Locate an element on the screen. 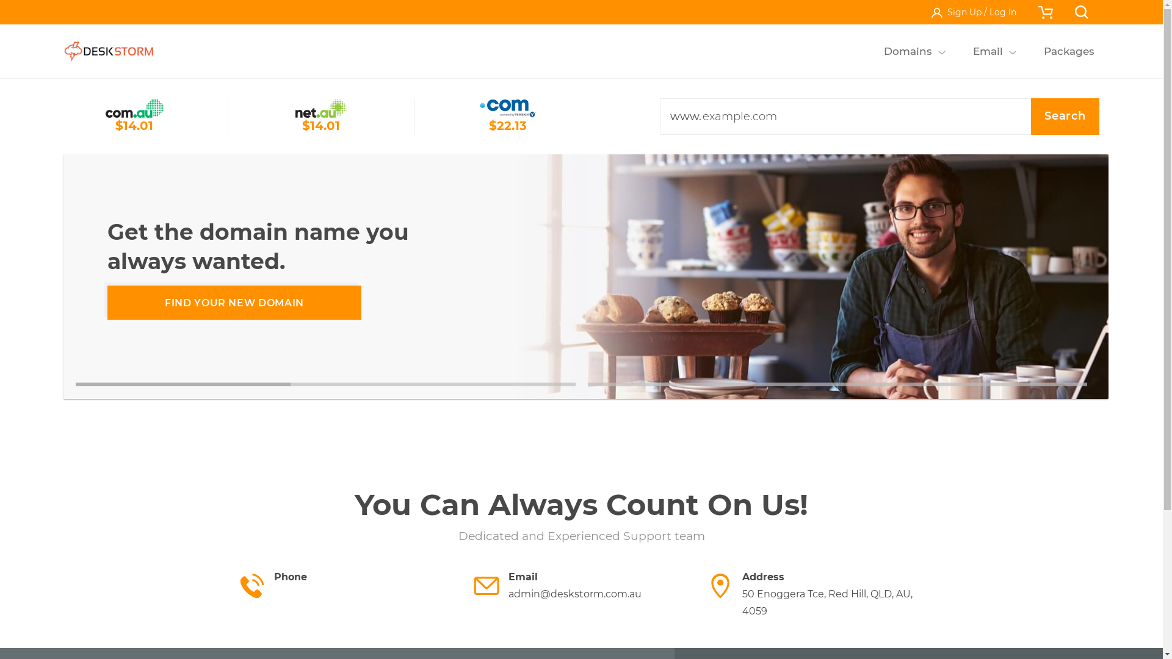 The image size is (1172, 659). 'Packages' is located at coordinates (1068, 51).